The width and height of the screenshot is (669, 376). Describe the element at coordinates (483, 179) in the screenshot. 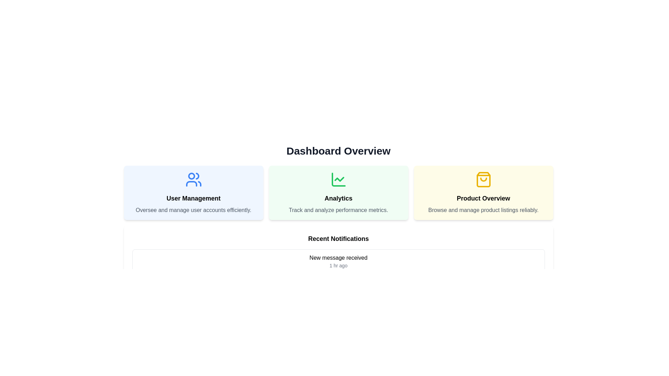

I see `the Decorative Icon (SVG element) located near the upper center of the 'Product Overview' card, which is the rightmost card in a horizontally aligned triad on the dashboard` at that location.